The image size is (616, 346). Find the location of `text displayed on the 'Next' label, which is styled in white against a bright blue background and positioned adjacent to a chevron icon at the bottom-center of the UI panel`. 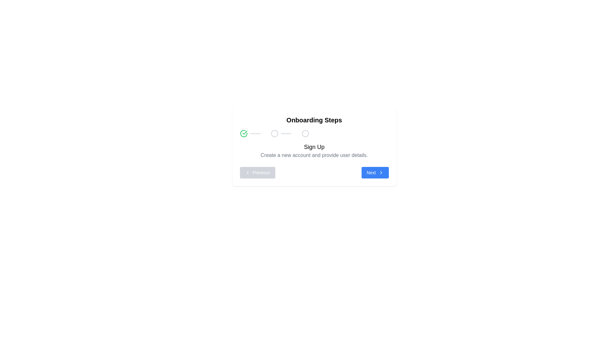

text displayed on the 'Next' label, which is styled in white against a bright blue background and positioned adjacent to a chevron icon at the bottom-center of the UI panel is located at coordinates (371, 172).